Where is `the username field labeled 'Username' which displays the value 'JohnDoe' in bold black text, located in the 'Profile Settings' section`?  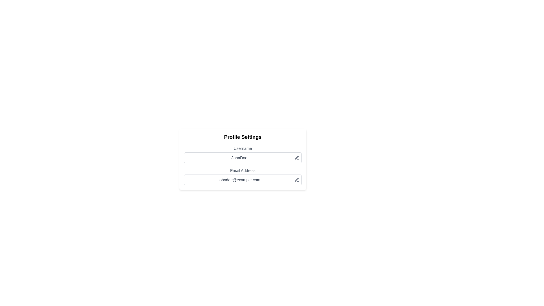 the username field labeled 'Username' which displays the value 'JohnDoe' in bold black text, located in the 'Profile Settings' section is located at coordinates (243, 154).